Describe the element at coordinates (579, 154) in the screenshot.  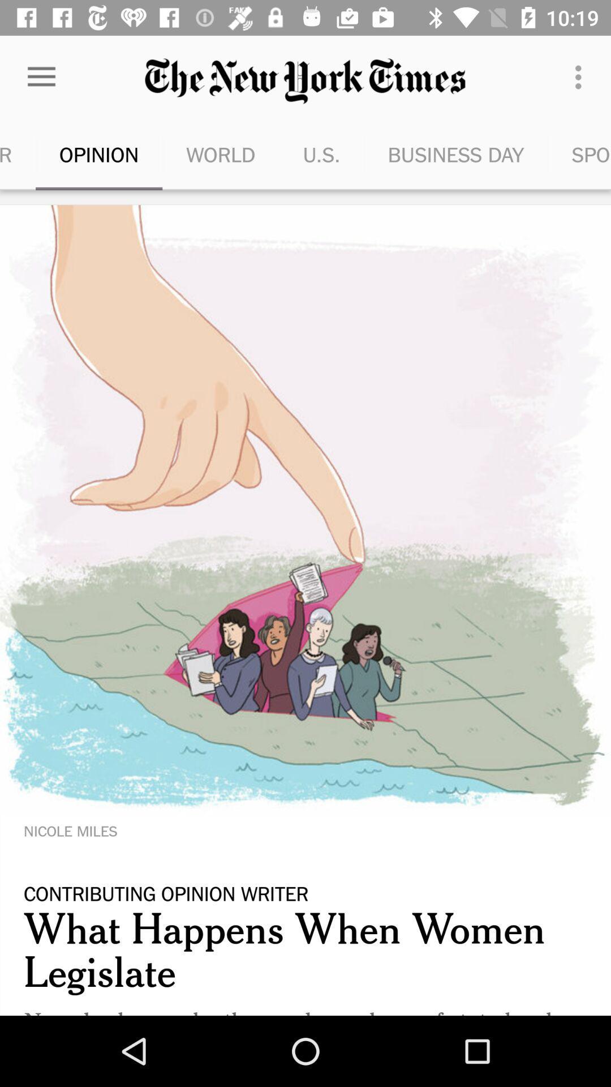
I see `item to the right of business day icon` at that location.